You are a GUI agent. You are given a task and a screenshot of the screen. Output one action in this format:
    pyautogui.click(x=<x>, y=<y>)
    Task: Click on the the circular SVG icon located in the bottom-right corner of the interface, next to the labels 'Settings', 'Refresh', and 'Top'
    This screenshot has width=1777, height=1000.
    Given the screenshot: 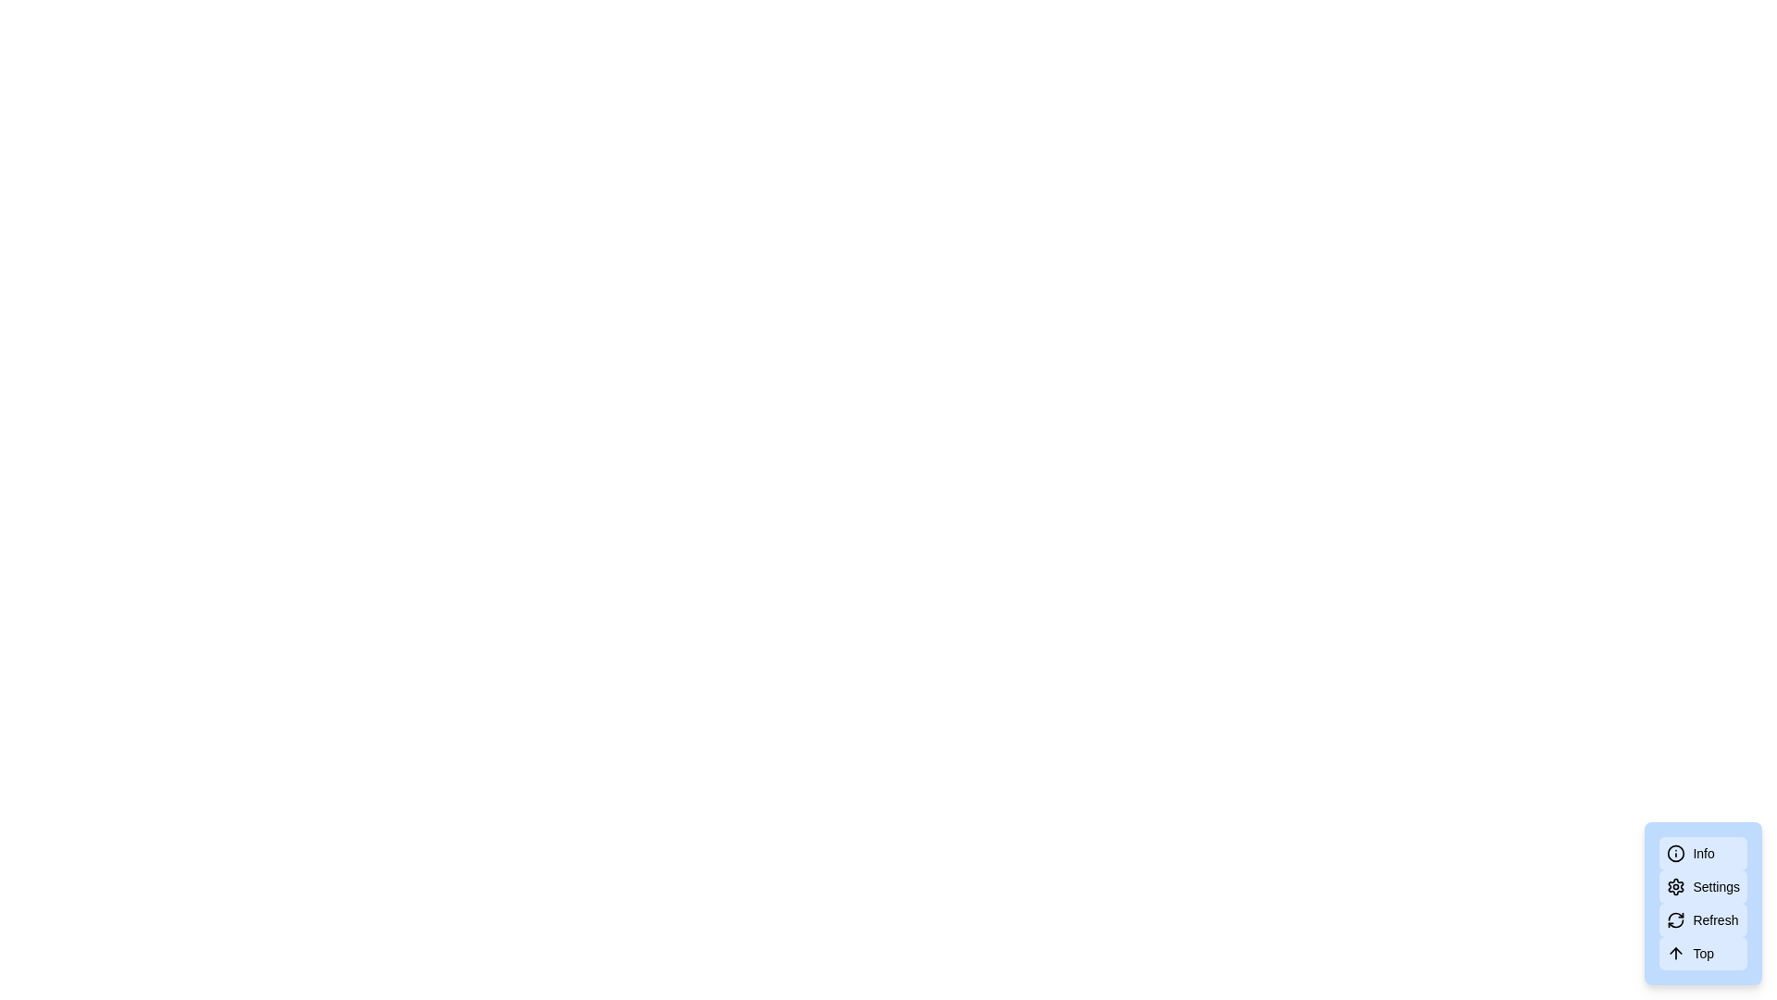 What is the action you would take?
    pyautogui.click(x=1676, y=853)
    